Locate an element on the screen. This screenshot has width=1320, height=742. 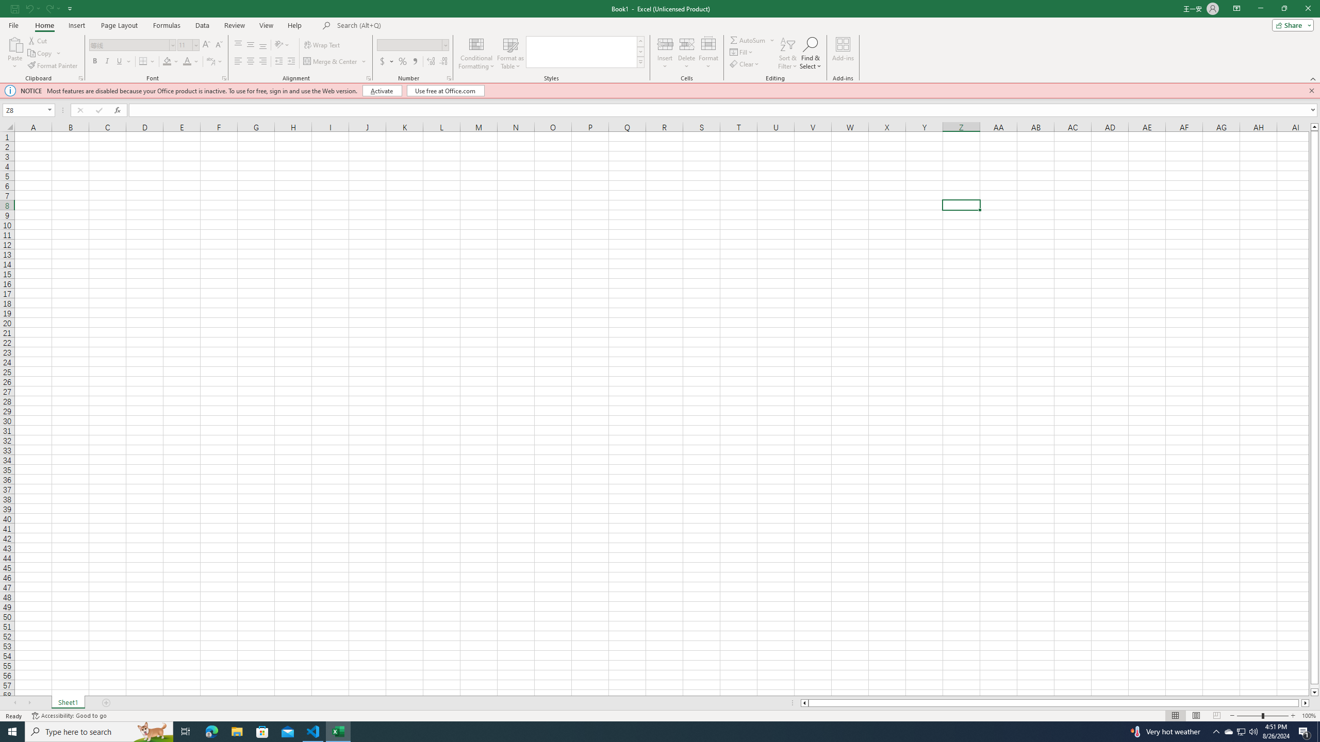
'Format' is located at coordinates (708, 53).